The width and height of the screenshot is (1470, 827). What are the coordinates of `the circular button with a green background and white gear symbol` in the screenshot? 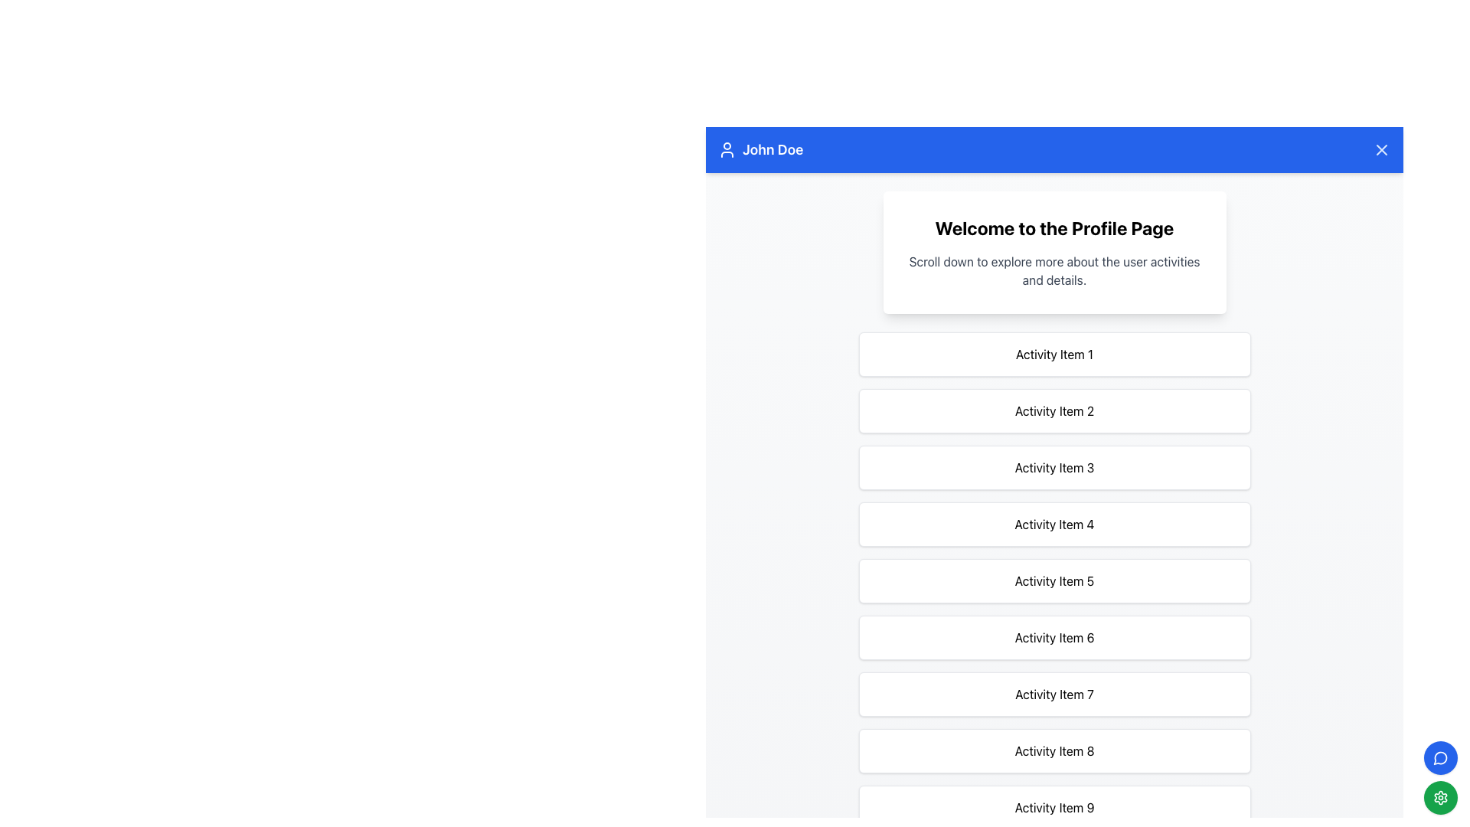 It's located at (1439, 777).